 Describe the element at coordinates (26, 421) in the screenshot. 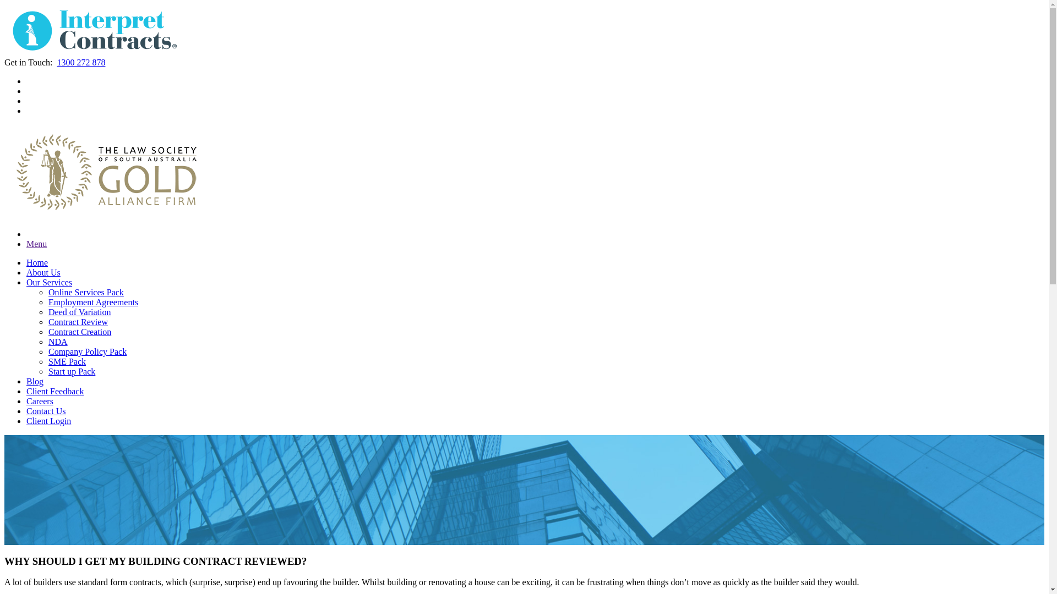

I see `'Client Login'` at that location.